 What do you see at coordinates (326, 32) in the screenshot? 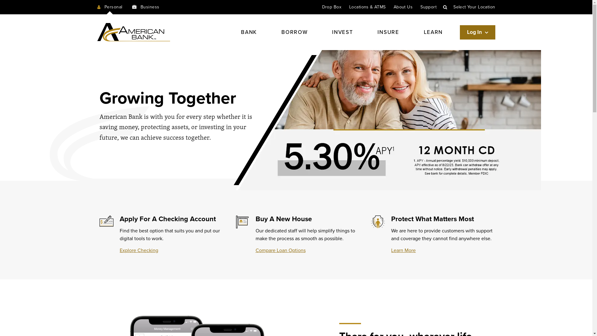
I see `'INVEST'` at bounding box center [326, 32].